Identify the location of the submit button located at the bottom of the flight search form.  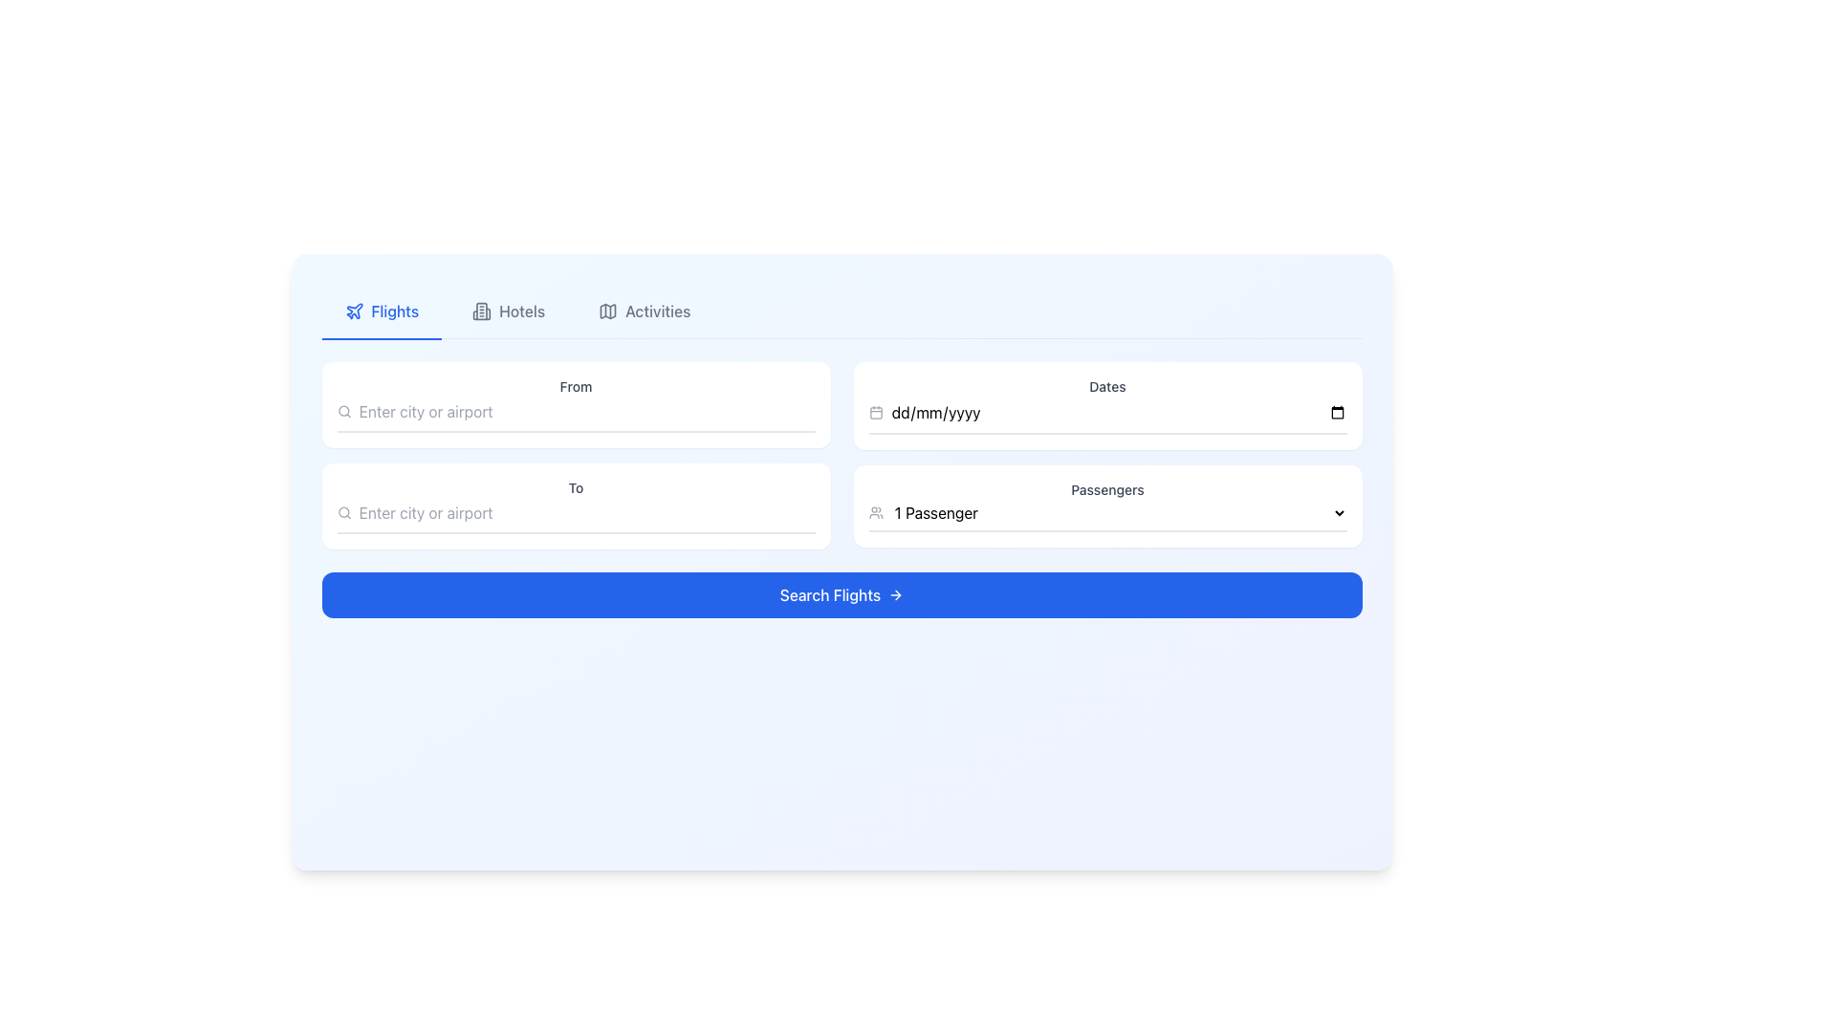
(841, 594).